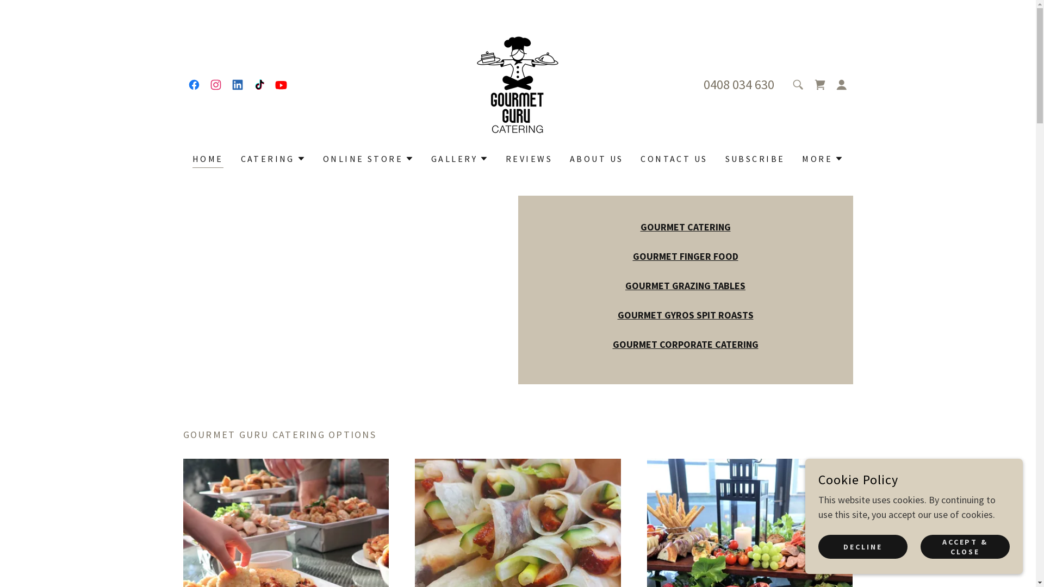 The image size is (1044, 587). What do you see at coordinates (596, 159) in the screenshot?
I see `'ABOUT US'` at bounding box center [596, 159].